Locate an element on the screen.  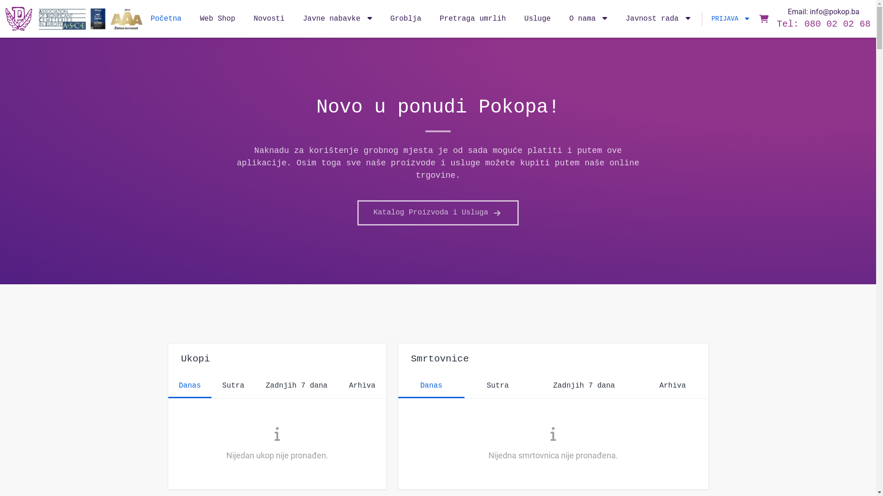
'Usluge' is located at coordinates (538, 19).